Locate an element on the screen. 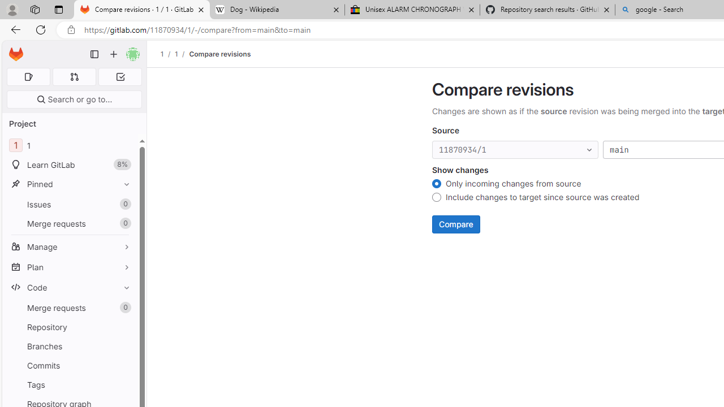  'Code' is located at coordinates (70, 287).